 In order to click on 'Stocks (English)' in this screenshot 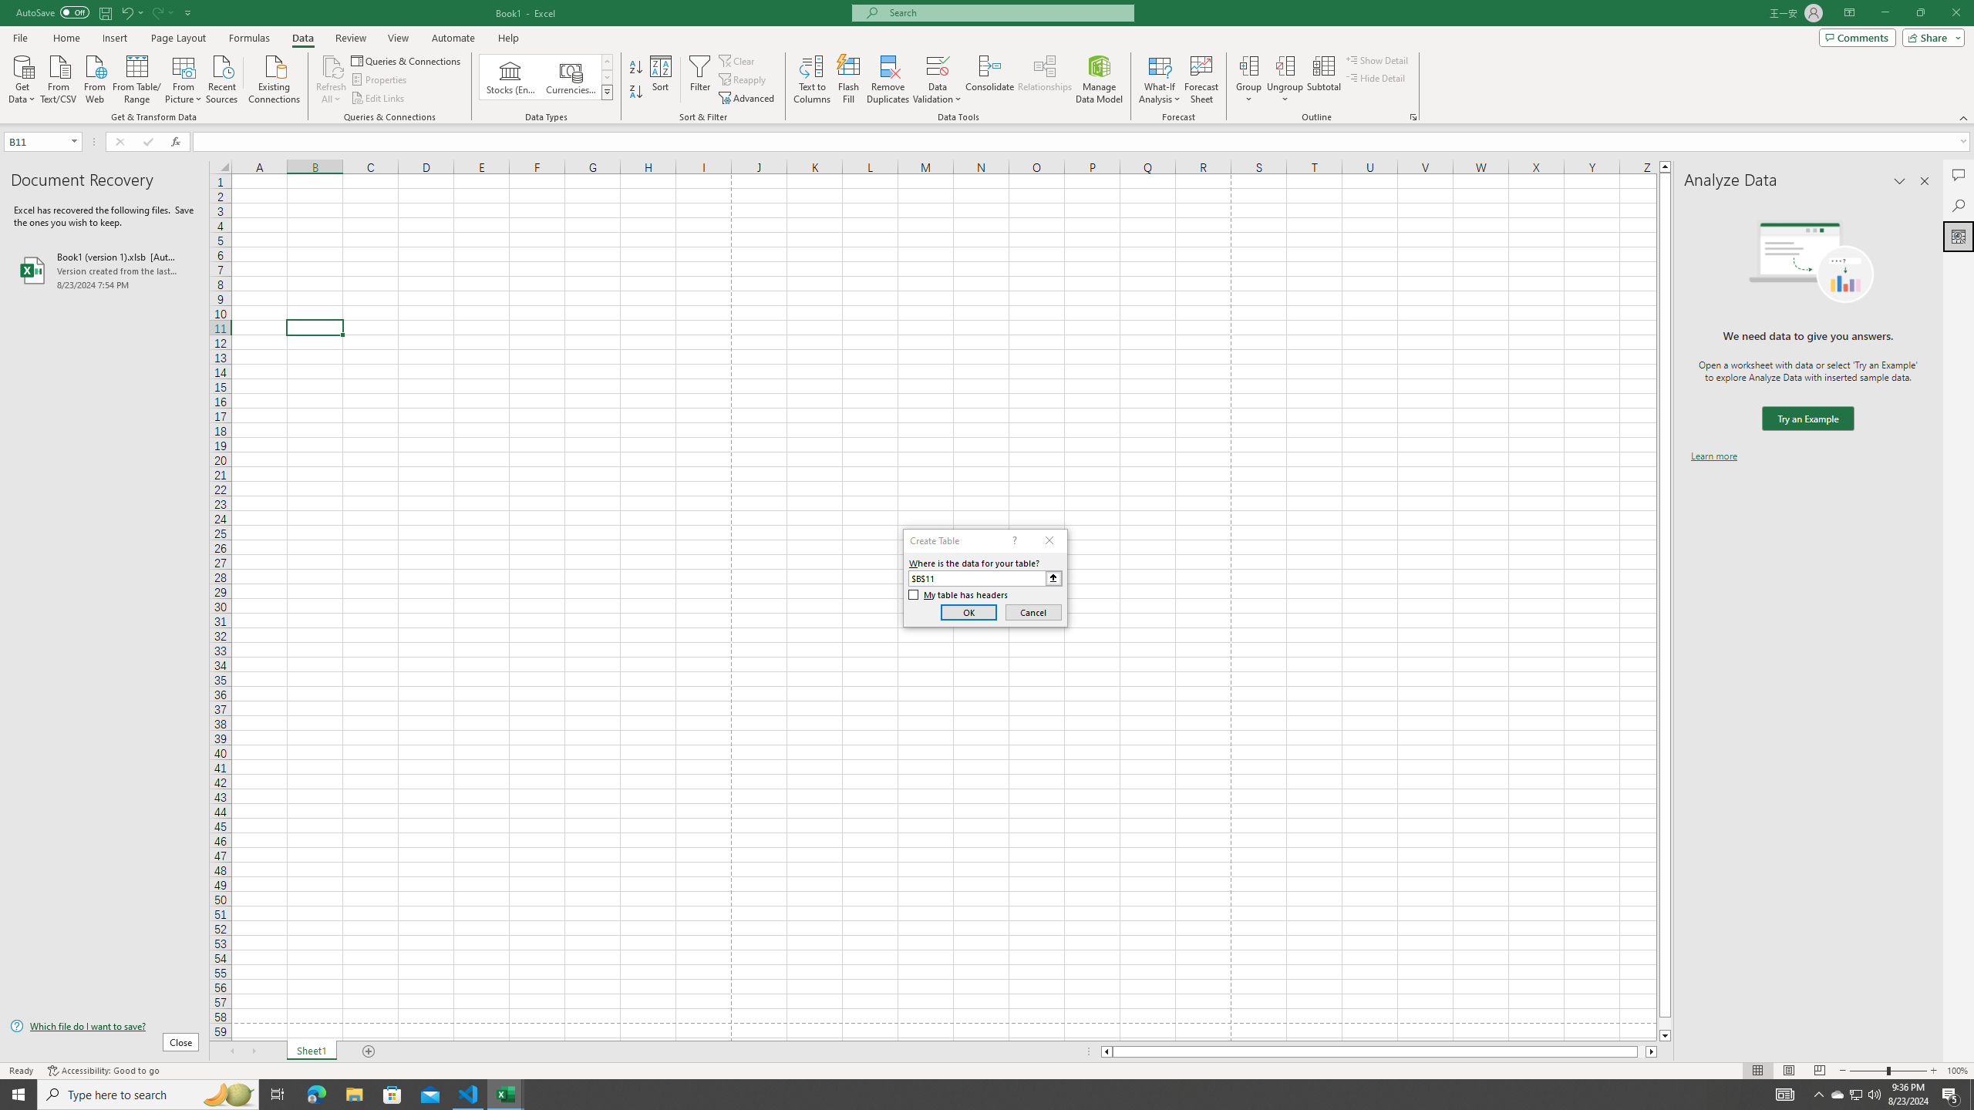, I will do `click(509, 76)`.